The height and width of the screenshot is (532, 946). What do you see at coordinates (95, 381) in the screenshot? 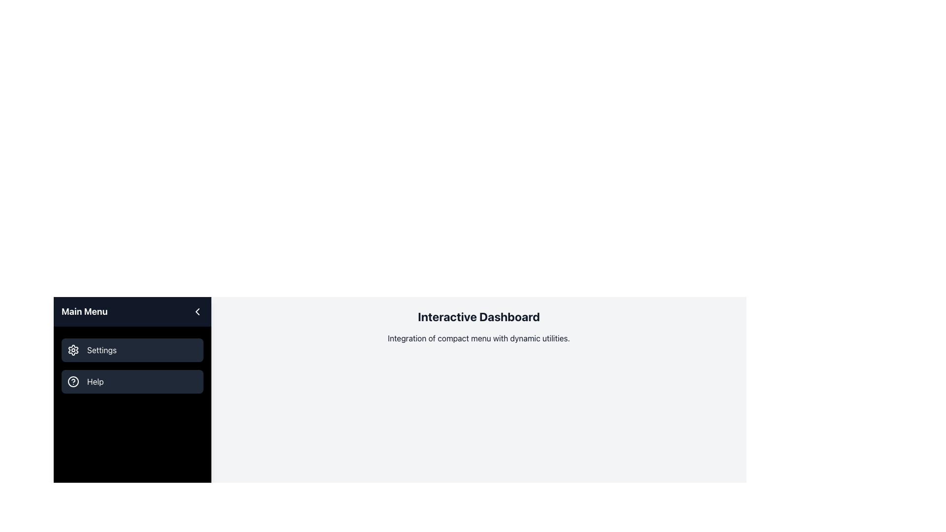
I see `the 'Help' text label located in the second menu item of the 'Main Menu' sidebar, which is positioned to the right of a circular question mark icon` at bounding box center [95, 381].